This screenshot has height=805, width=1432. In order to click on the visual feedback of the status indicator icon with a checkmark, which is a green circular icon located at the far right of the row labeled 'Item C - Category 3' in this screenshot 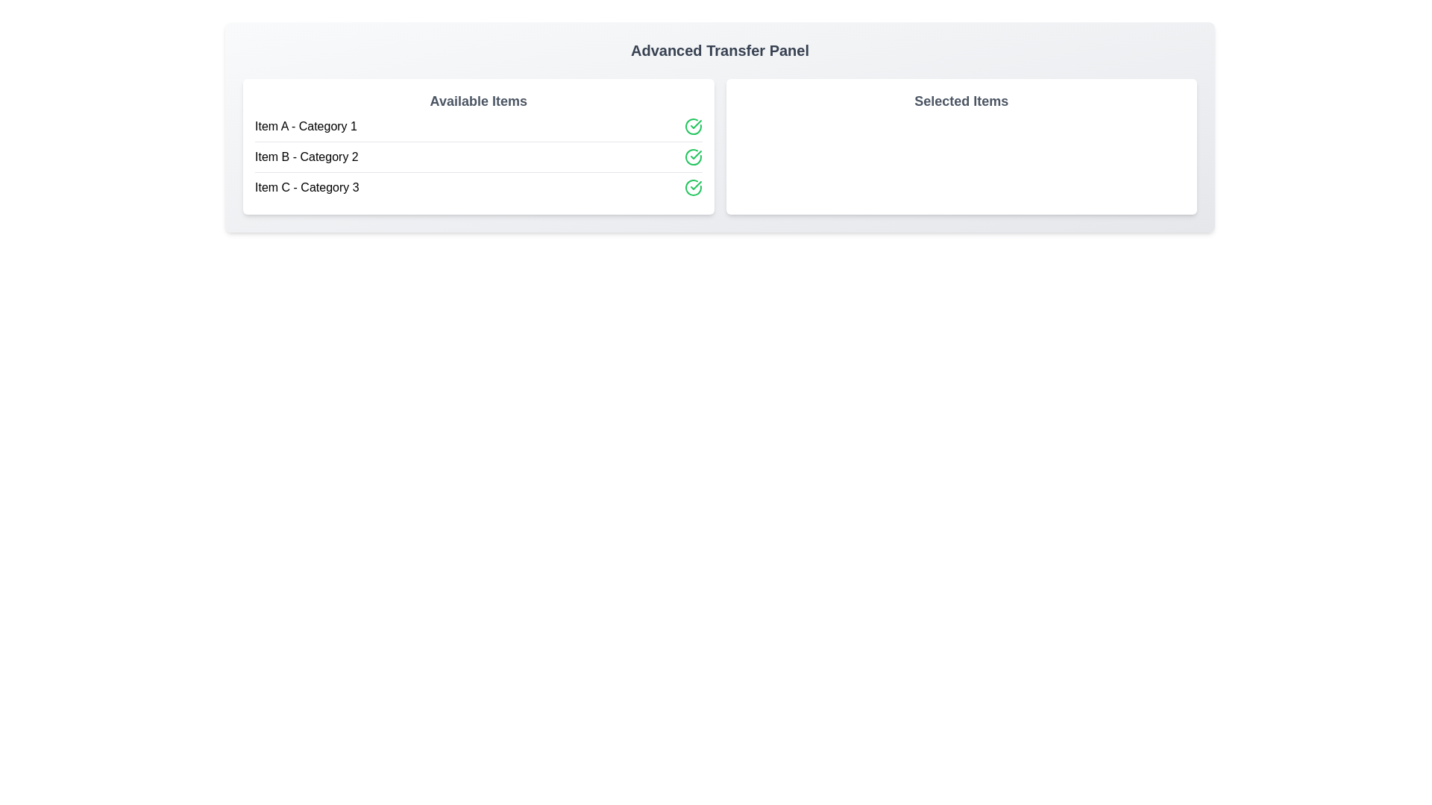, I will do `click(692, 186)`.